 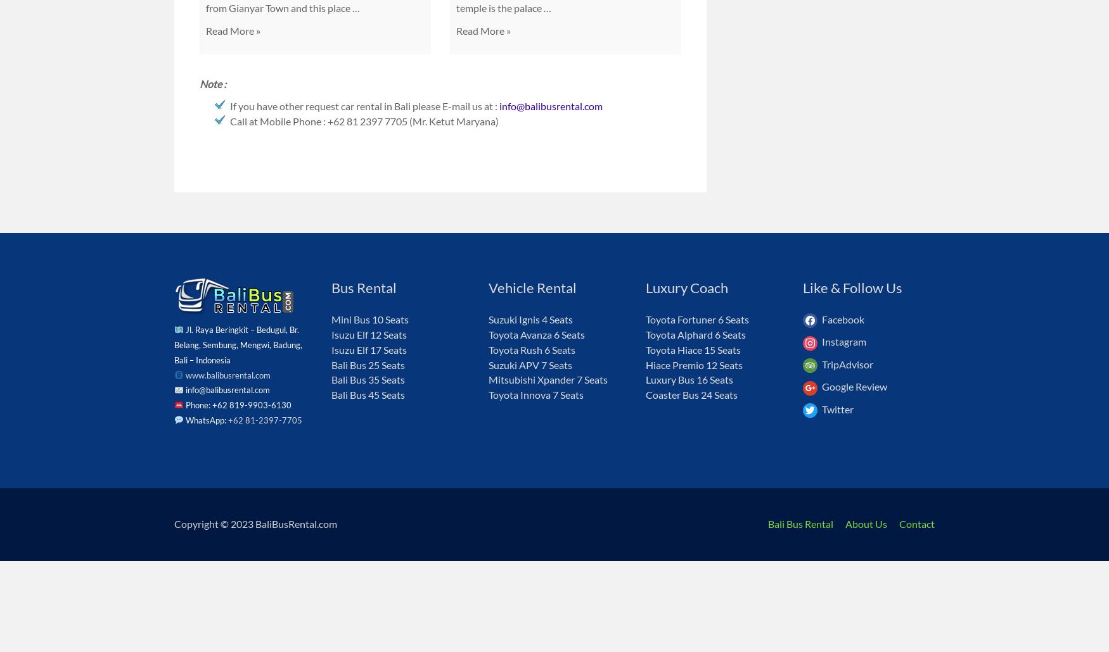 I want to click on 'Hiace Premio 12 Seats', so click(x=645, y=364).